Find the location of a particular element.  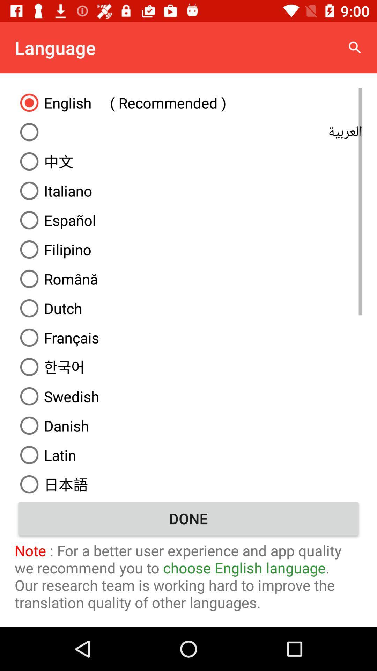

item above the done icon is located at coordinates (188, 483).